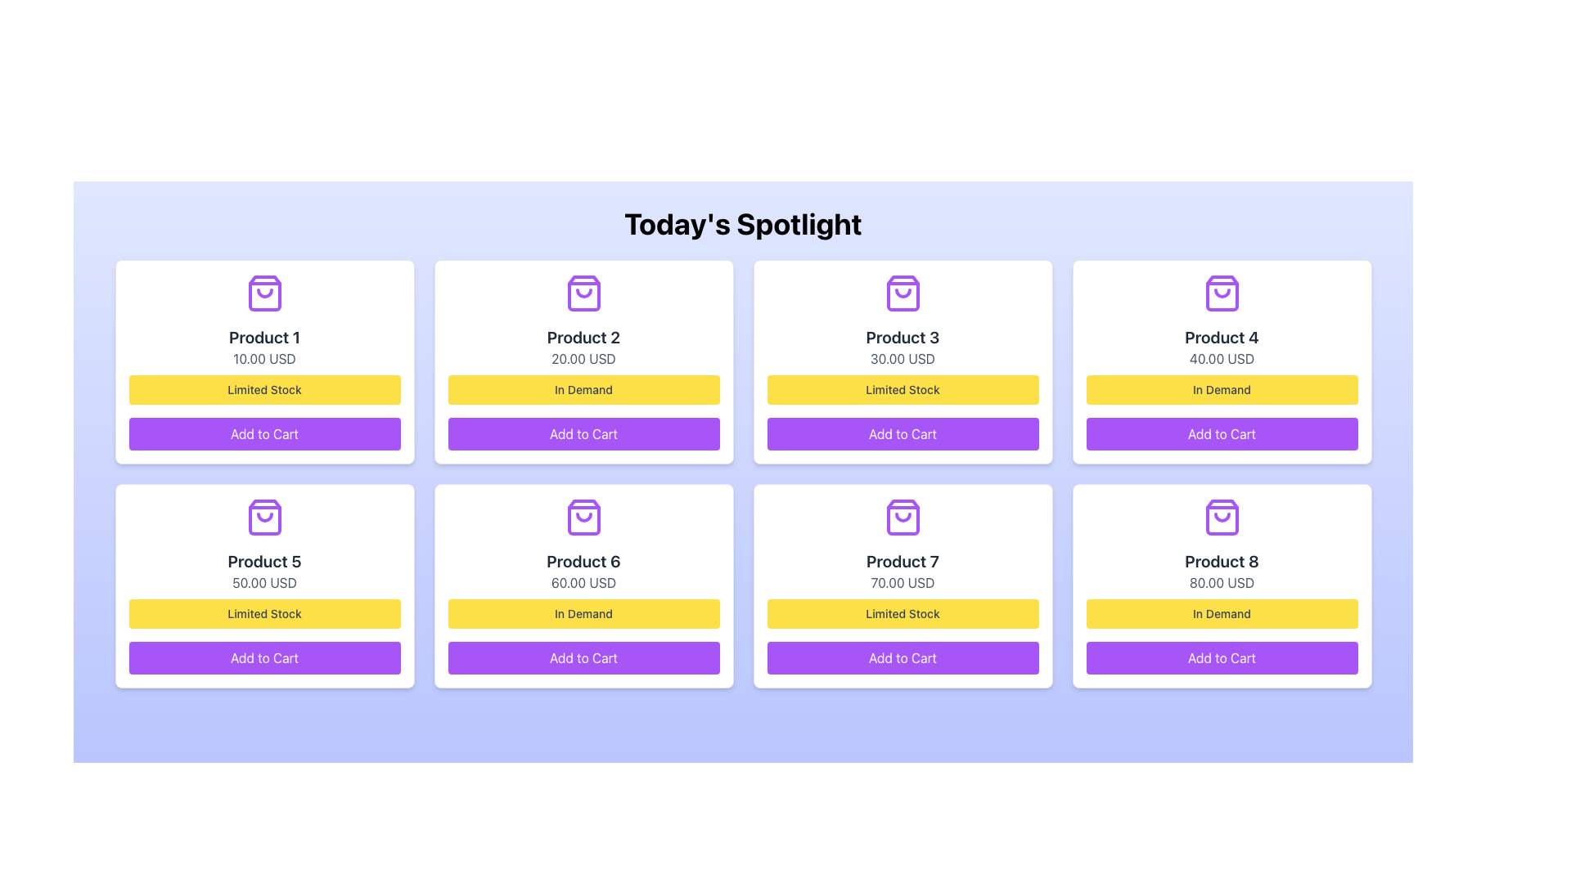 The width and height of the screenshot is (1571, 883). I want to click on the text label displaying the name and price of the product located in the top-left card of the grid layout, positioned below the shopping bag icon and above the 'Limited Stock' label, so click(264, 346).